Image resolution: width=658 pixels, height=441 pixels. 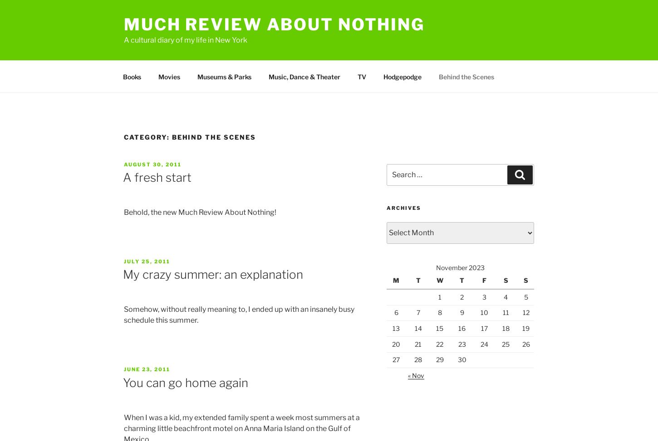 I want to click on '13', so click(x=396, y=328).